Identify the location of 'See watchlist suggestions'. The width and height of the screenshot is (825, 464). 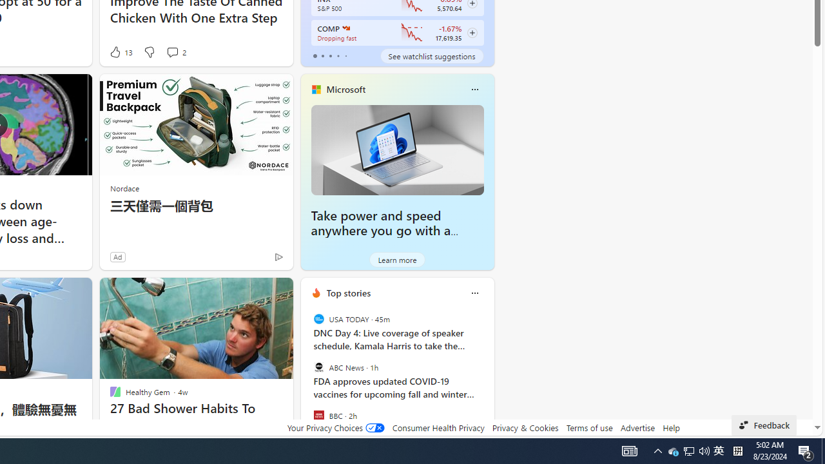
(432, 55).